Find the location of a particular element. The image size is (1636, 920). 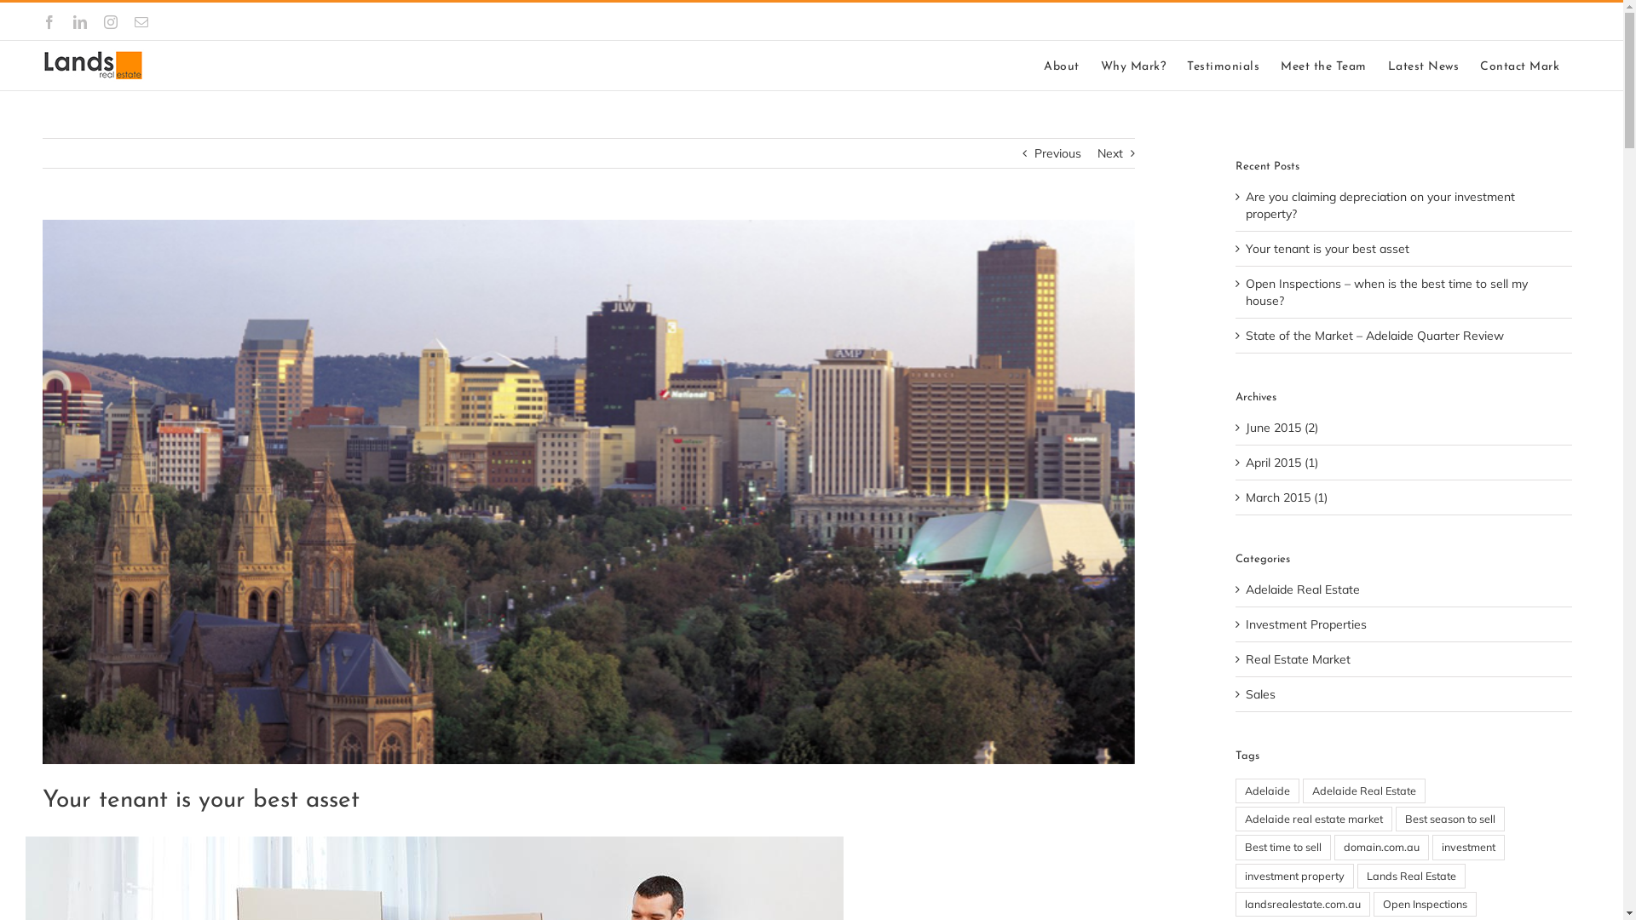

'Why Mark?' is located at coordinates (1100, 65).